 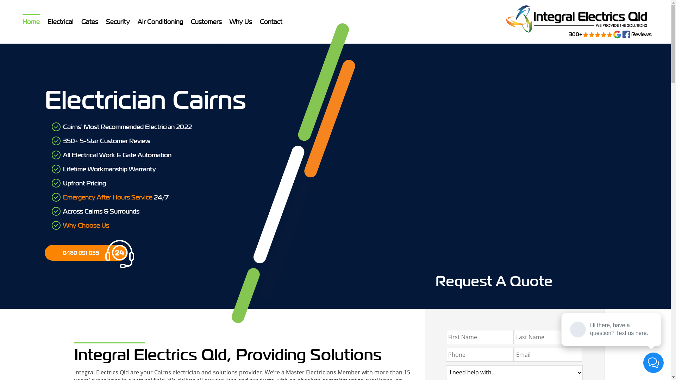 I want to click on 'Air Conditioning', so click(x=160, y=21).